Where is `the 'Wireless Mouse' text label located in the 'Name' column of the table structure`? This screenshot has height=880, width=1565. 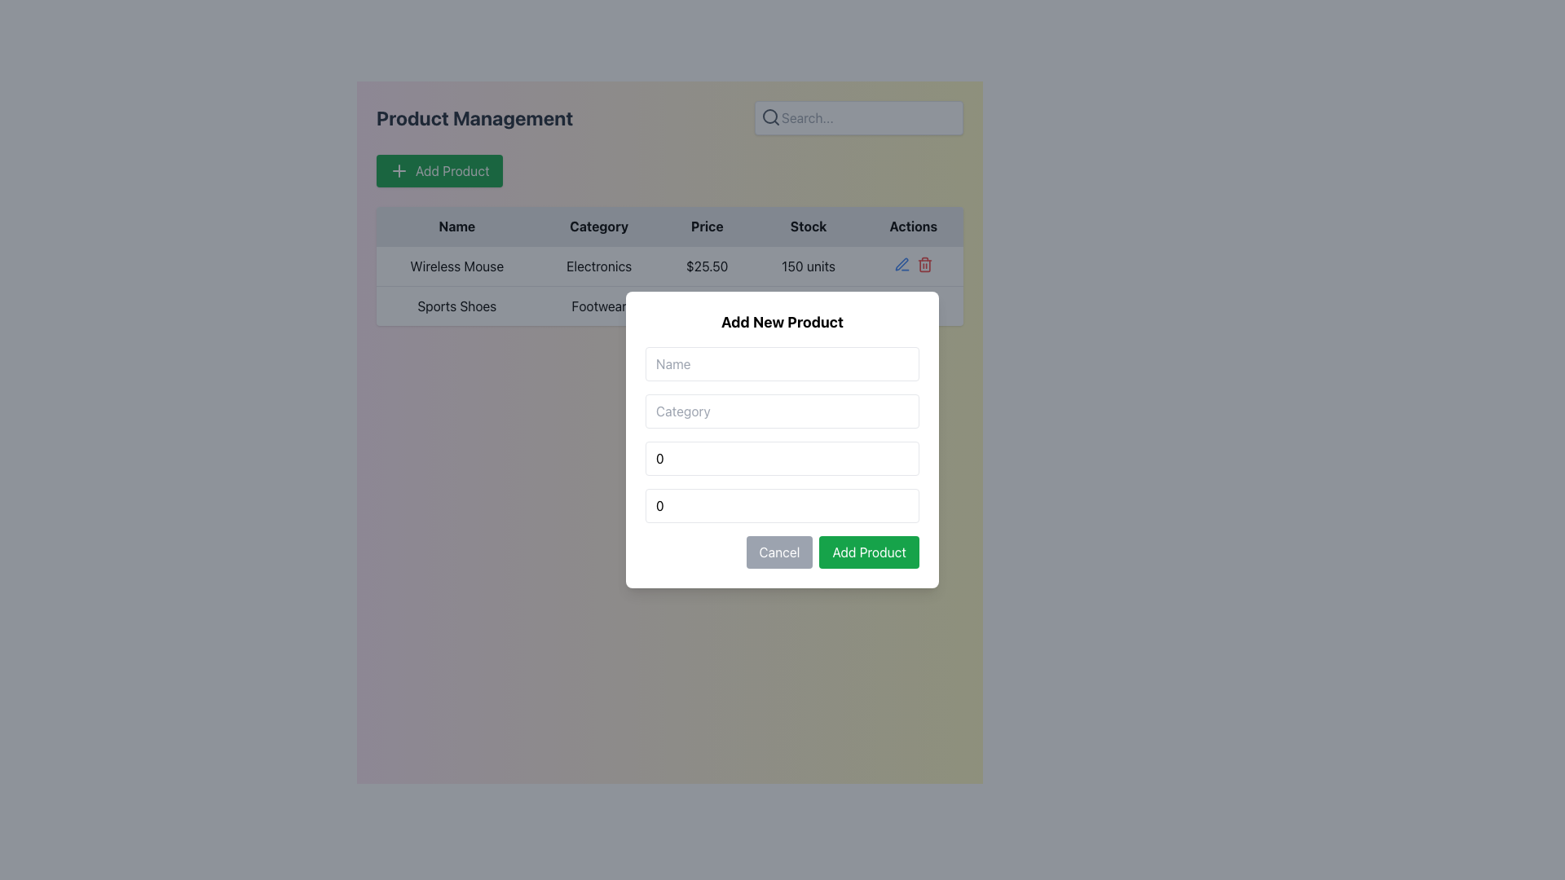 the 'Wireless Mouse' text label located in the 'Name' column of the table structure is located at coordinates (456, 266).